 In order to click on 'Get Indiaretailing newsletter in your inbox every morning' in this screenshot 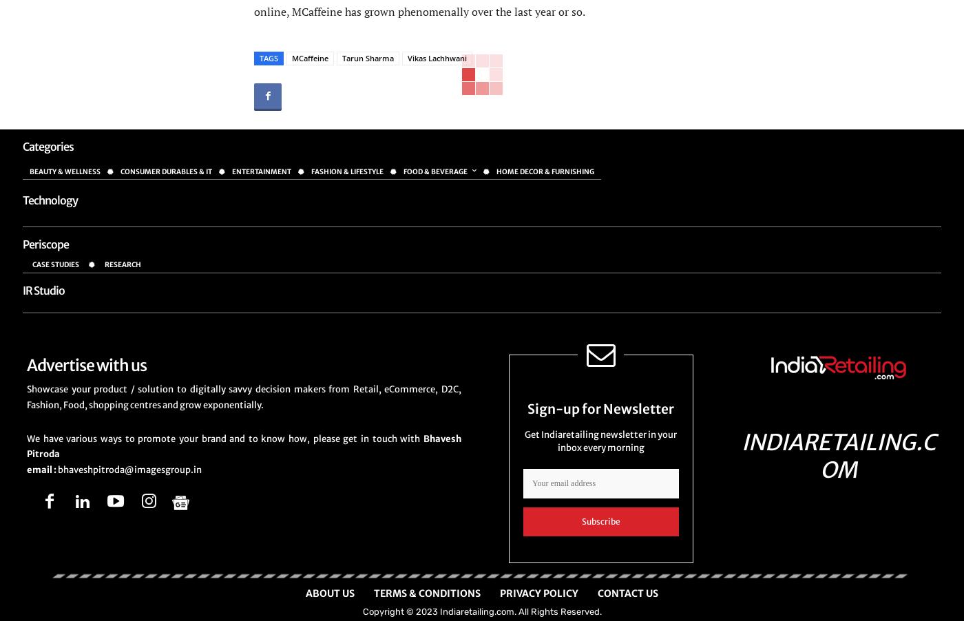, I will do `click(600, 439)`.